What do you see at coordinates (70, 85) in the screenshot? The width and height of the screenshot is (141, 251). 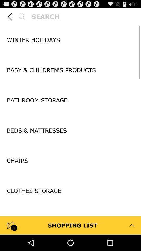 I see `item above the bathroom storage item` at bounding box center [70, 85].